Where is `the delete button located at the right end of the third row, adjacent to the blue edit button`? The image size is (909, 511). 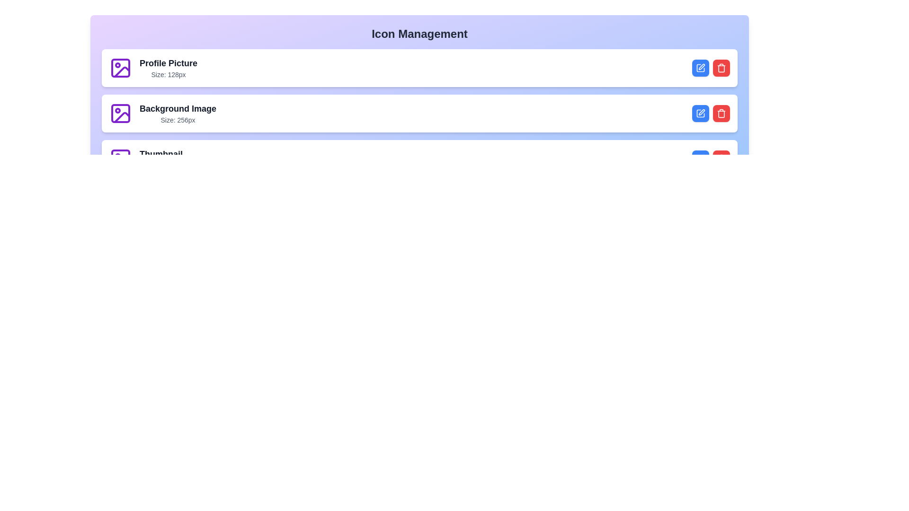 the delete button located at the right end of the third row, adjacent to the blue edit button is located at coordinates (721, 158).